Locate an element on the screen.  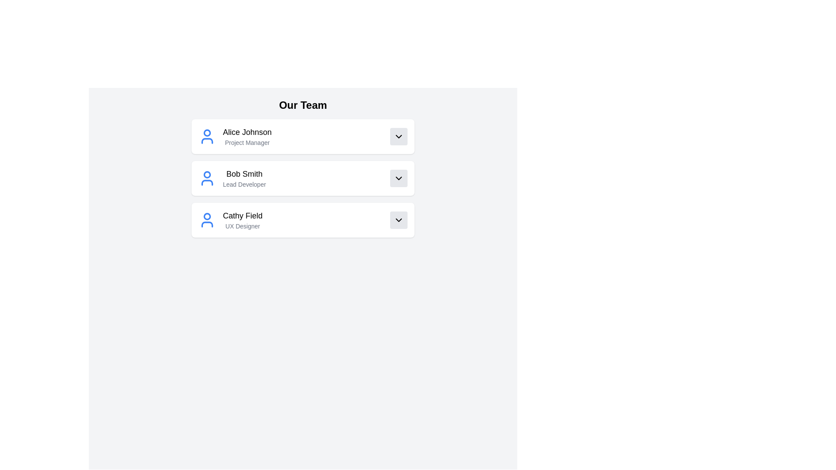
the rectangular button with a chevron-down icon located at the far right of the row containing information about 'Cathy Field' is located at coordinates (398, 219).